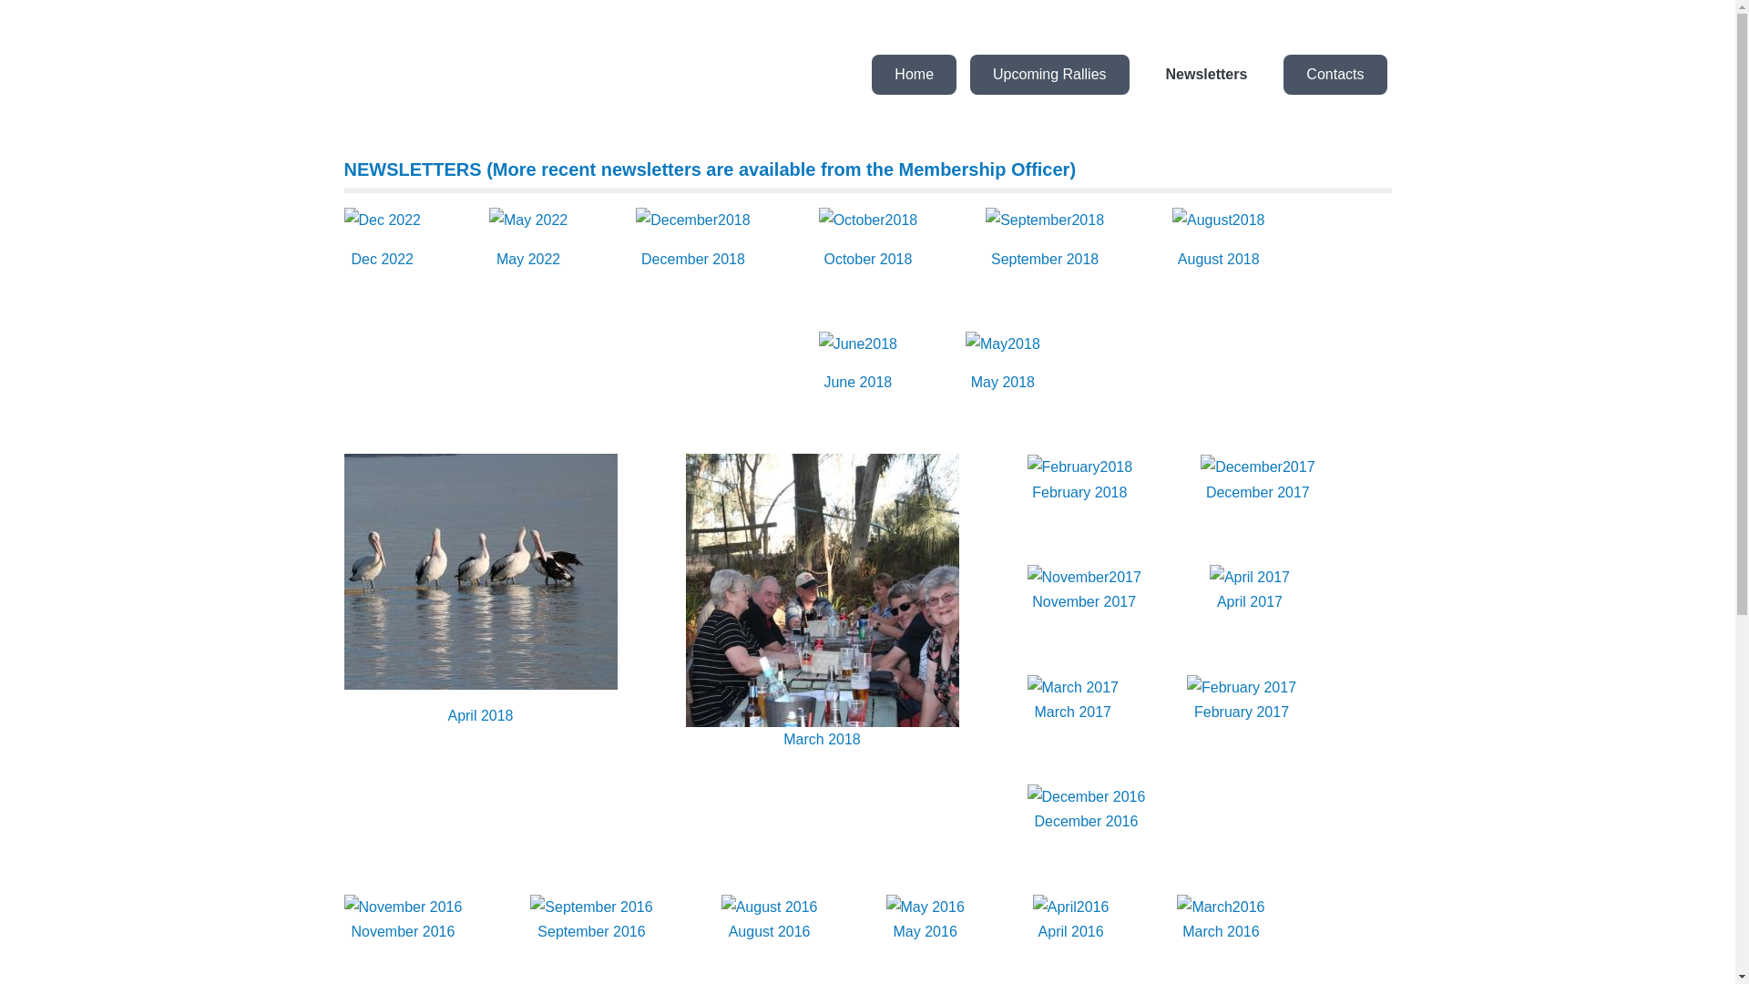  Describe the element at coordinates (1221, 931) in the screenshot. I see `'March 2016'` at that location.